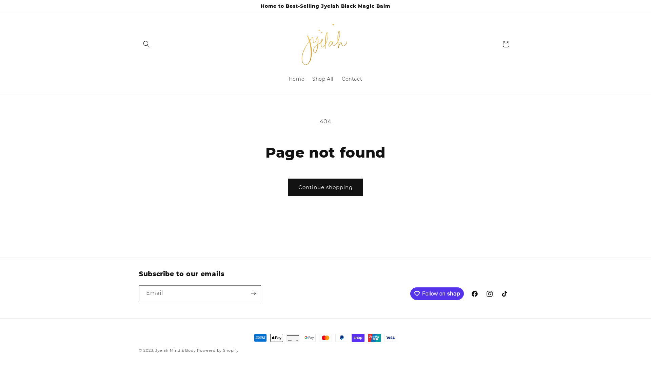 Image resolution: width=651 pixels, height=366 pixels. What do you see at coordinates (322, 78) in the screenshot?
I see `'Shop All'` at bounding box center [322, 78].